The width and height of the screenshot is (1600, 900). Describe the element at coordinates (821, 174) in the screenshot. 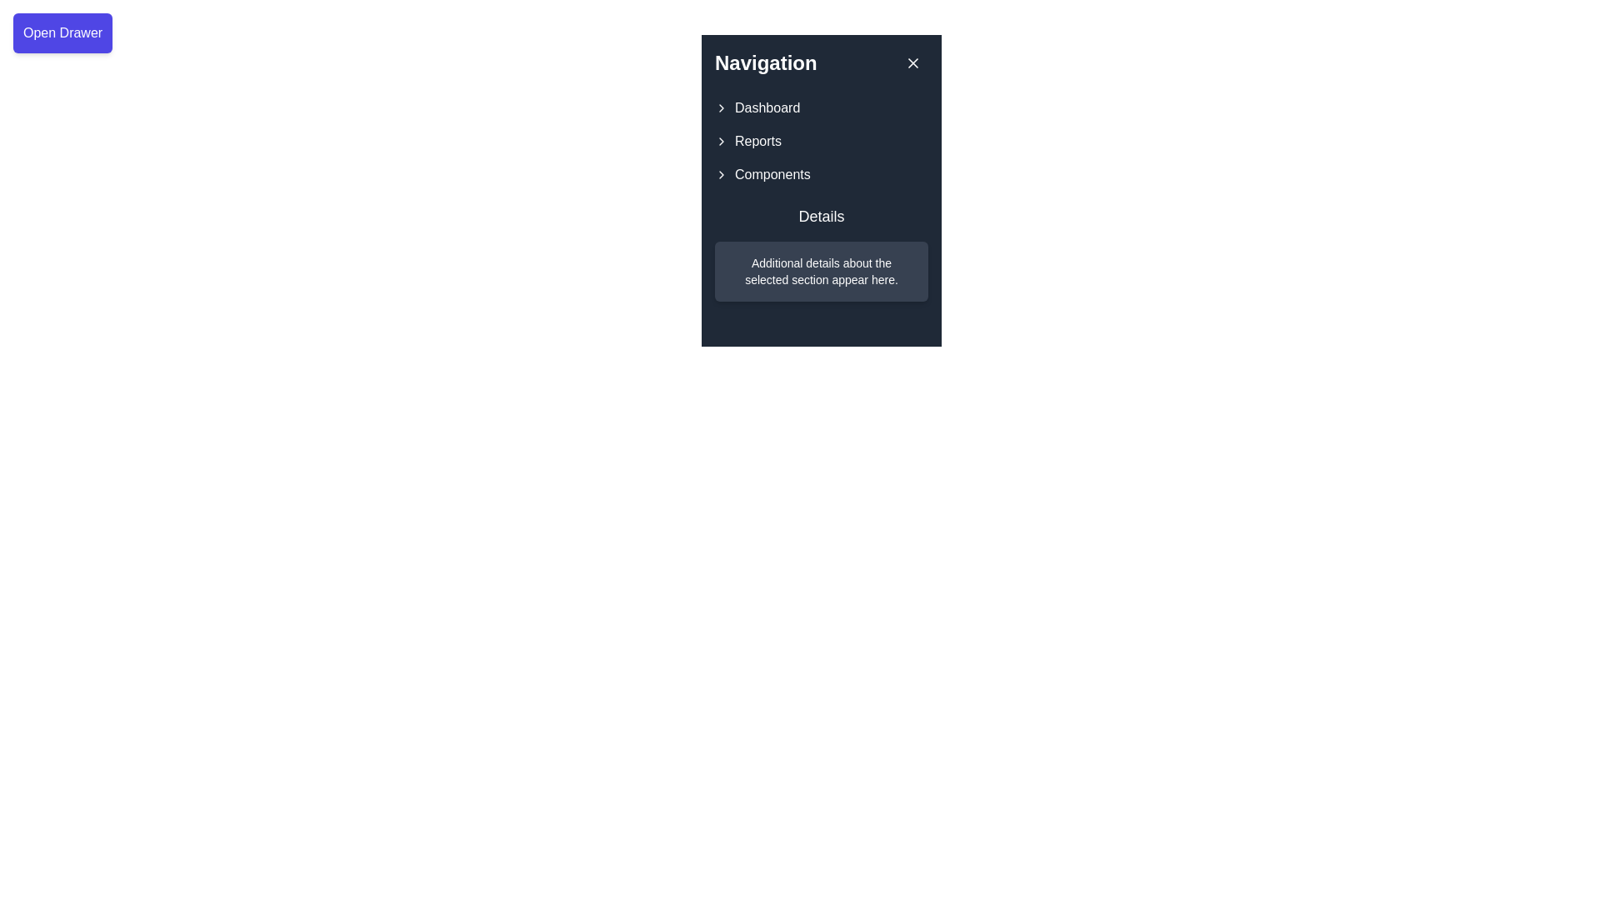

I see `the third interactive menu item in the navigation section` at that location.